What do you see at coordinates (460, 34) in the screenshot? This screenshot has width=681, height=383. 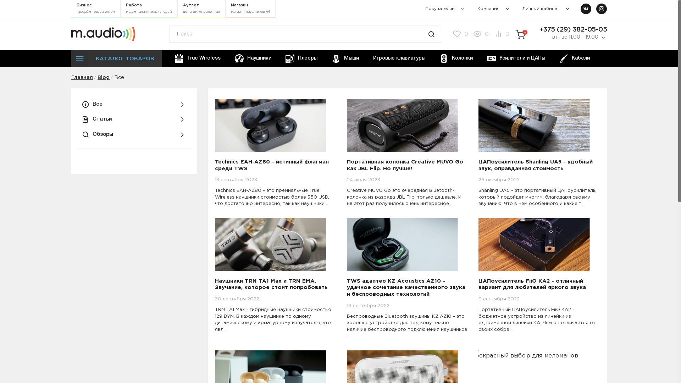 I see `'0'` at bounding box center [460, 34].